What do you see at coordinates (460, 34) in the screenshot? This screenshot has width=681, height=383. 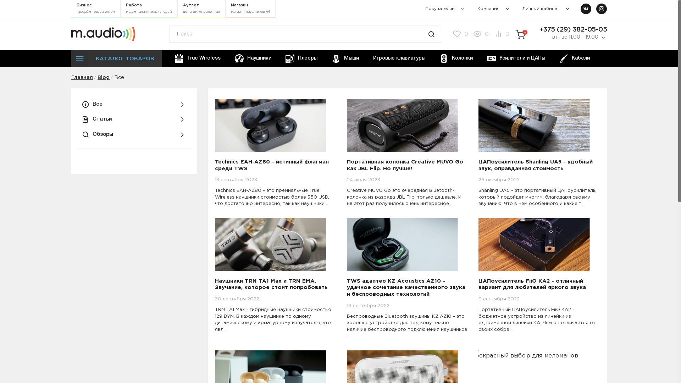 I see `'0'` at bounding box center [460, 34].